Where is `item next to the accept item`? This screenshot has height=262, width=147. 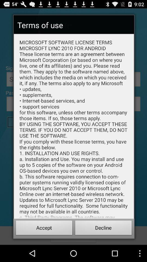 item next to the accept item is located at coordinates (103, 228).